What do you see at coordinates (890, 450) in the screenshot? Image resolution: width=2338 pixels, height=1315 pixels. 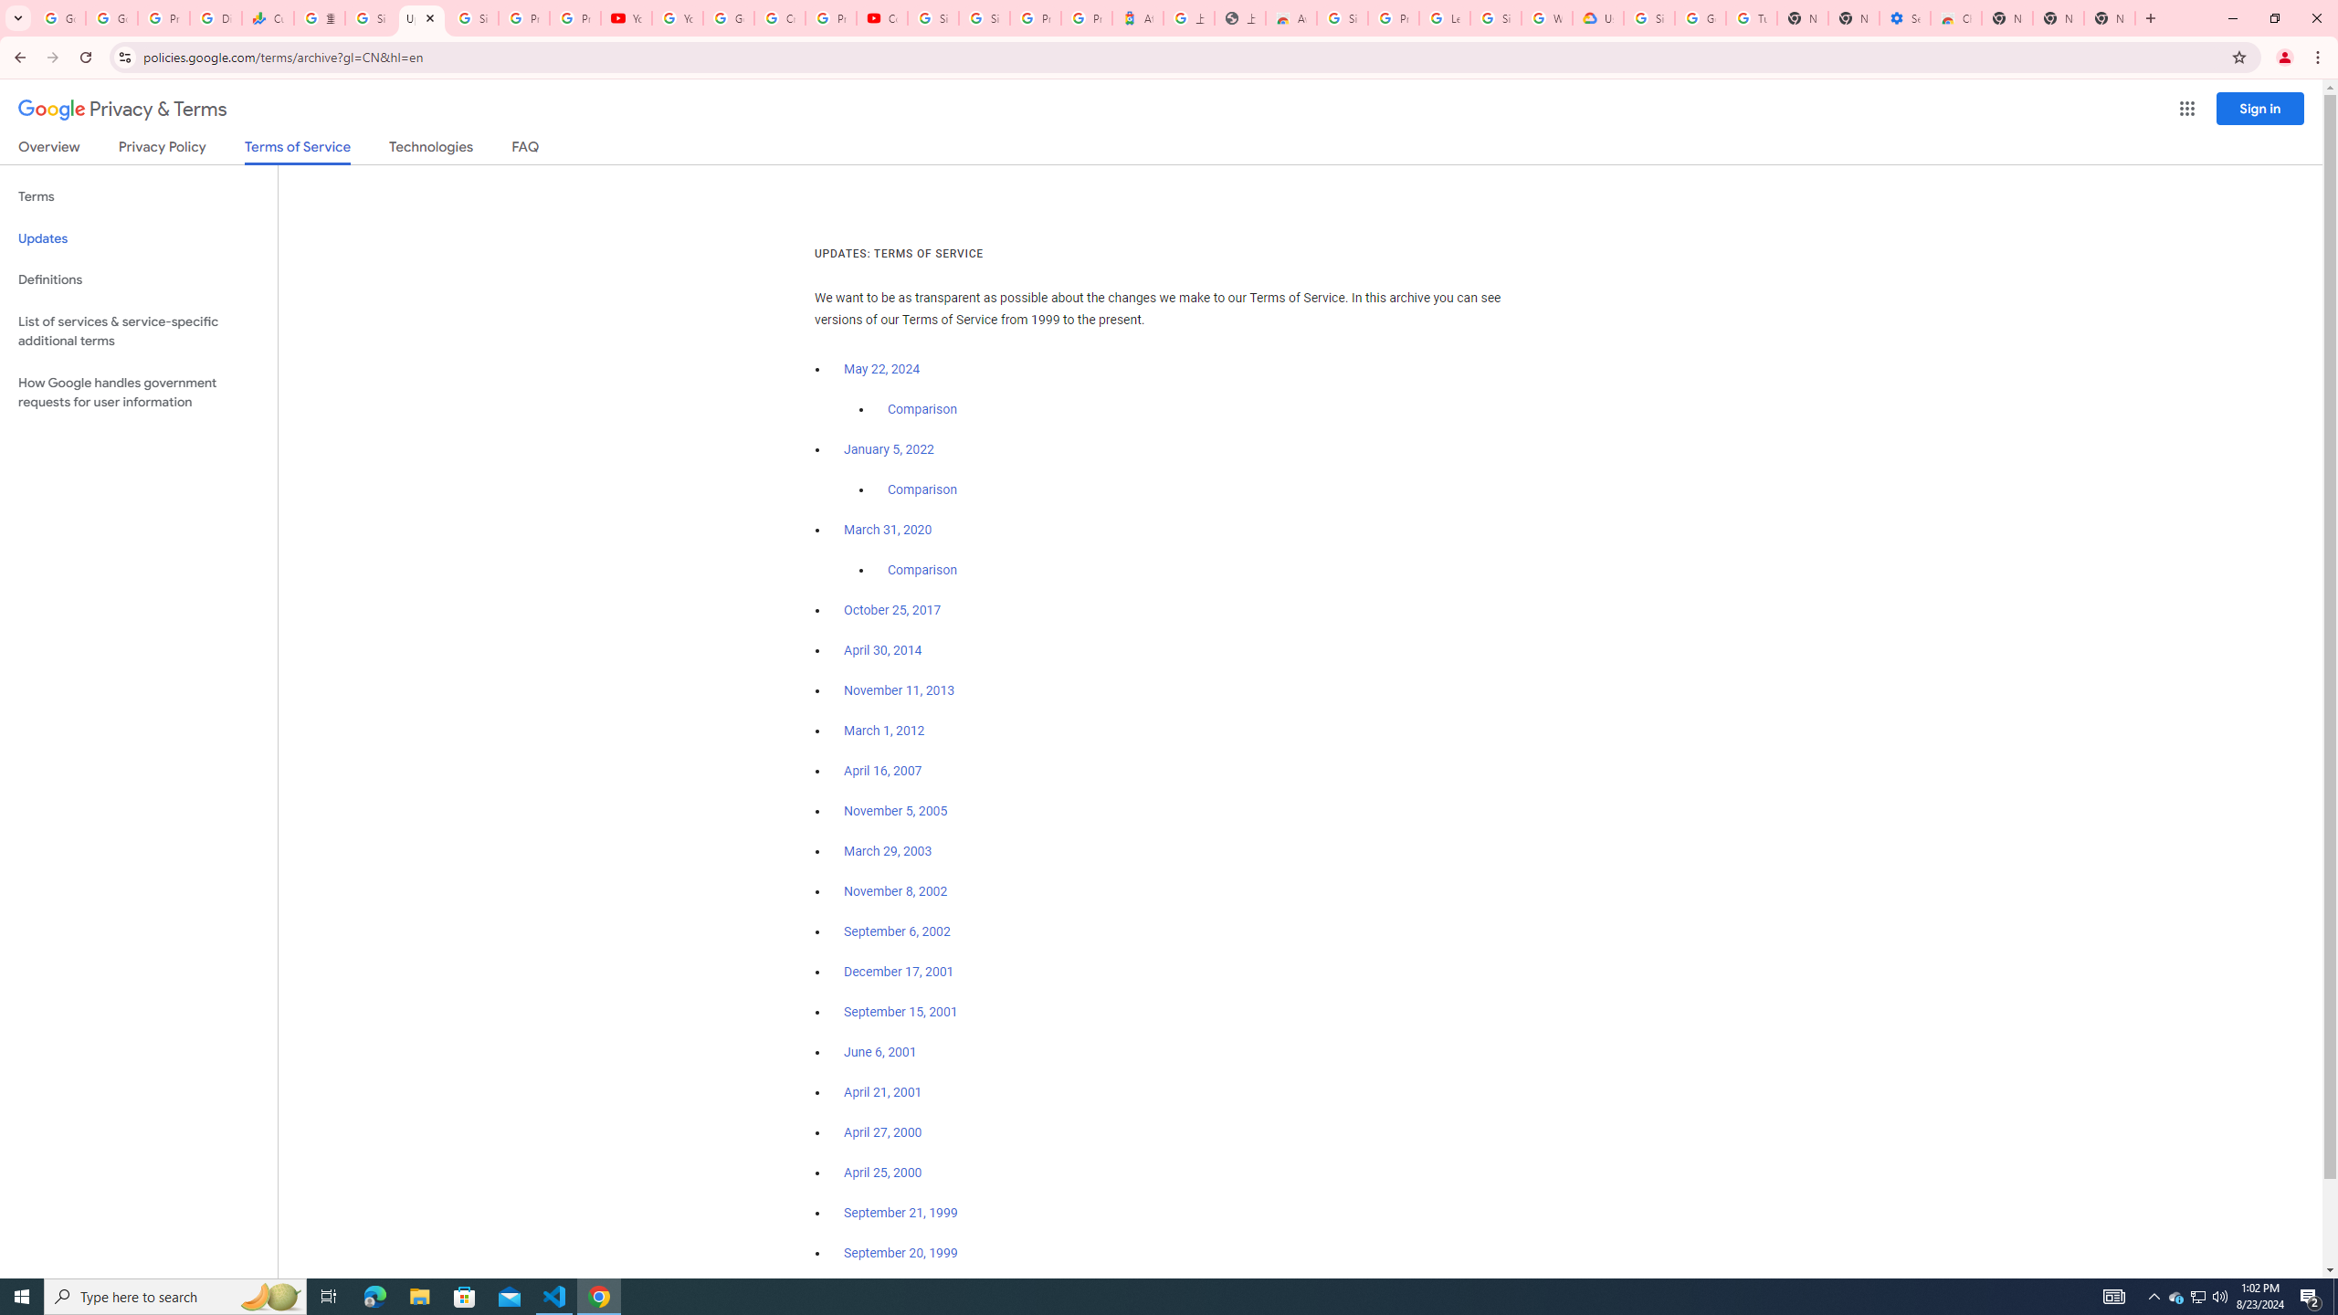 I see `'January 5, 2022'` at bounding box center [890, 450].